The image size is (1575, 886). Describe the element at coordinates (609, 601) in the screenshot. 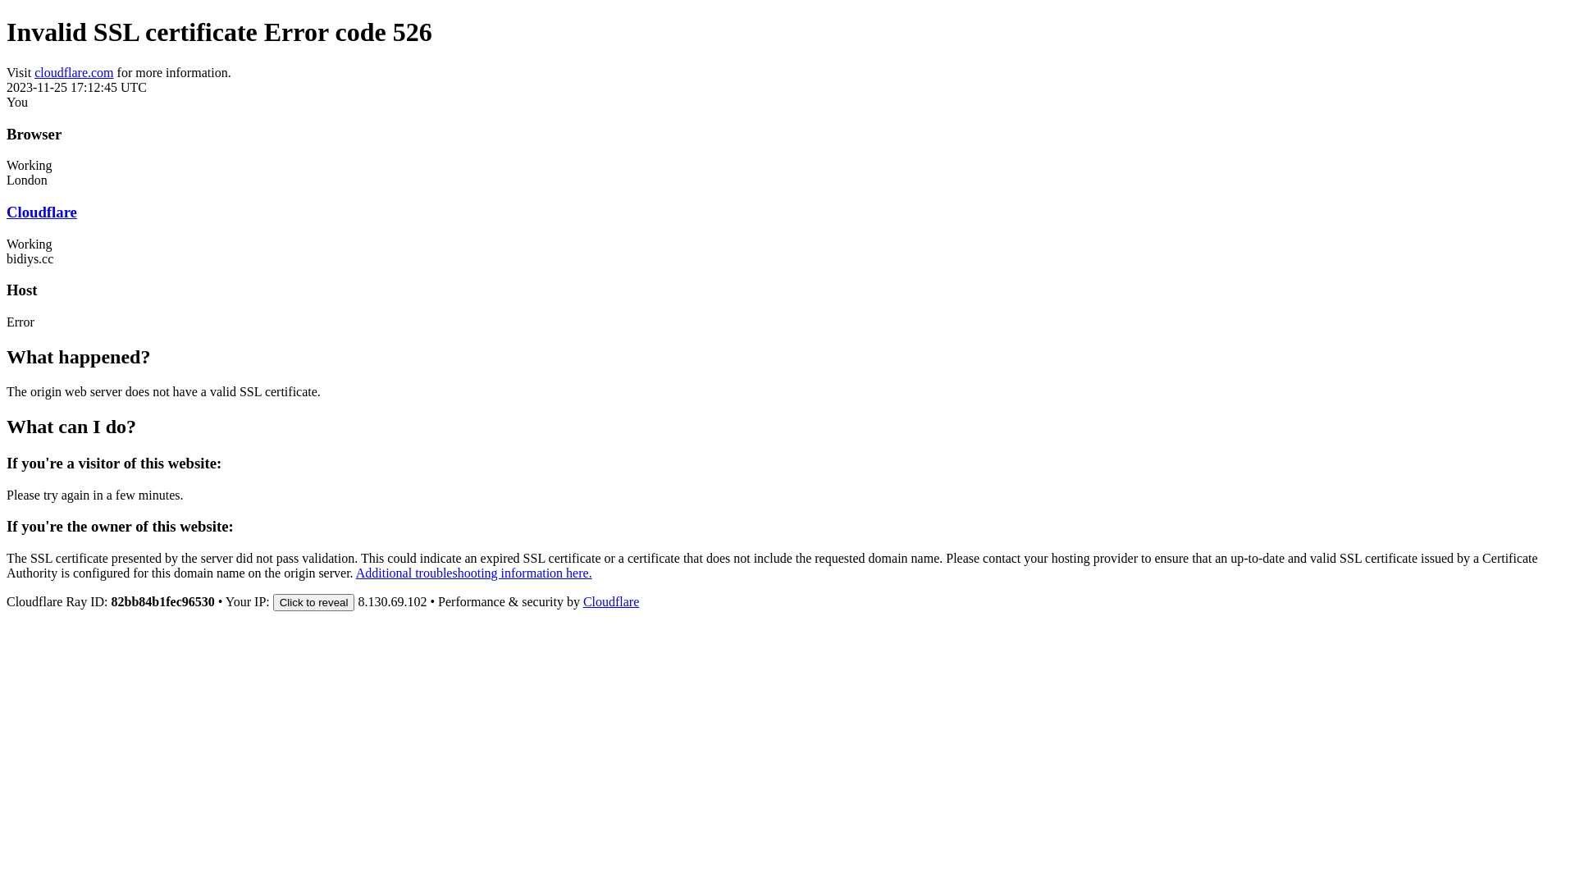

I see `'Cloudflare'` at that location.